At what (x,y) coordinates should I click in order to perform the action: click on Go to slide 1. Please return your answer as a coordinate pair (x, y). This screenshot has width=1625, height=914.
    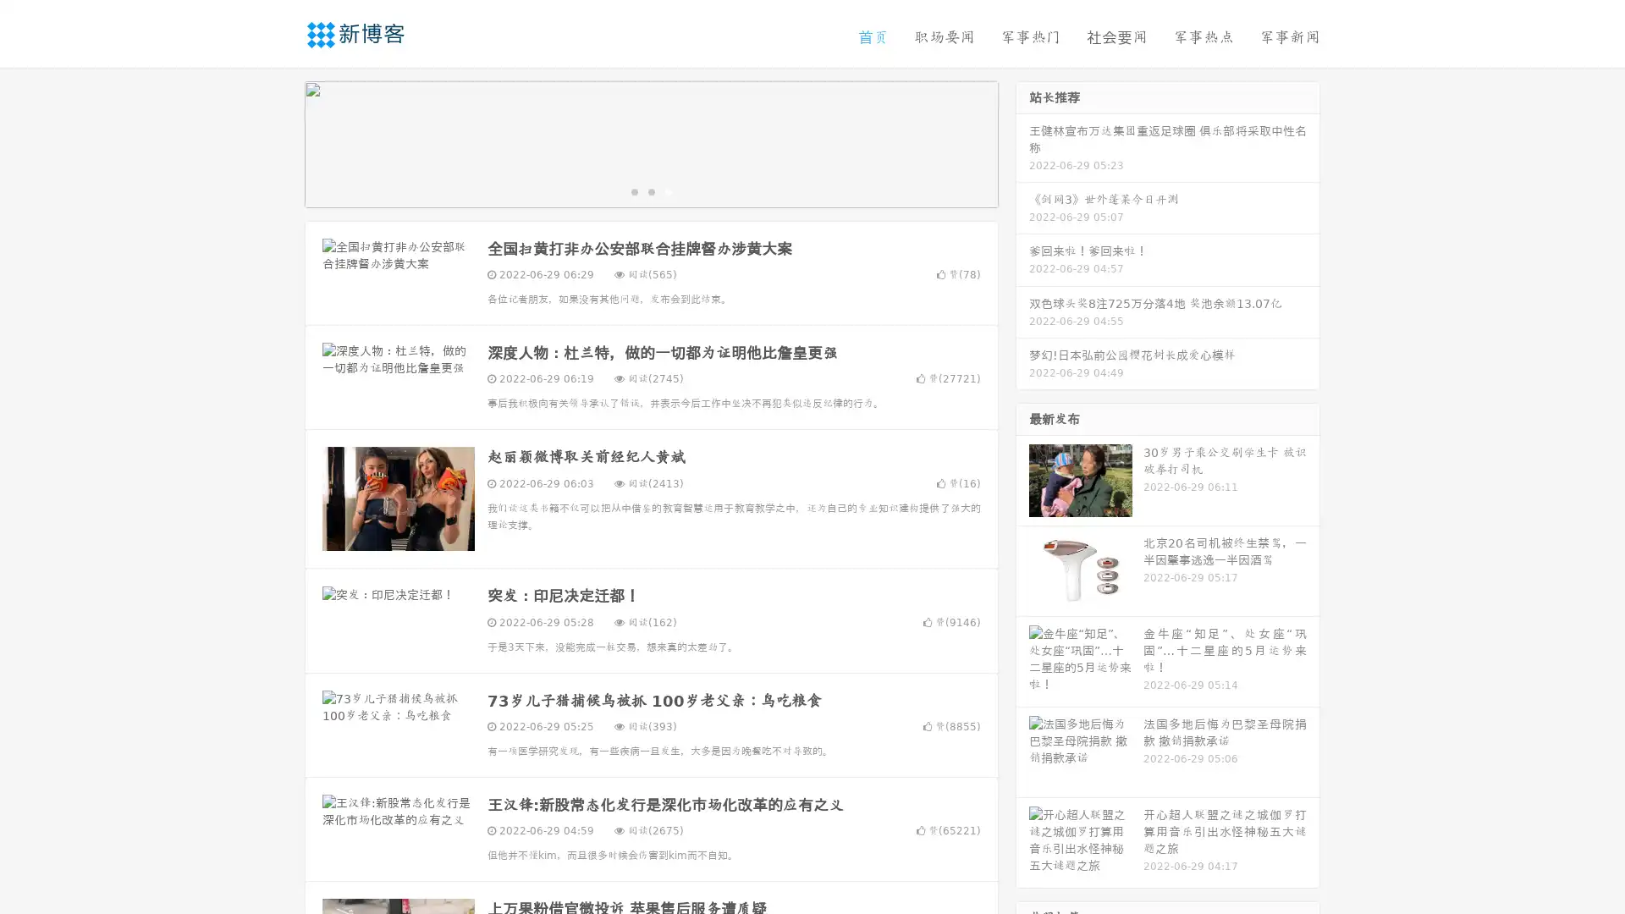
    Looking at the image, I should click on (633, 190).